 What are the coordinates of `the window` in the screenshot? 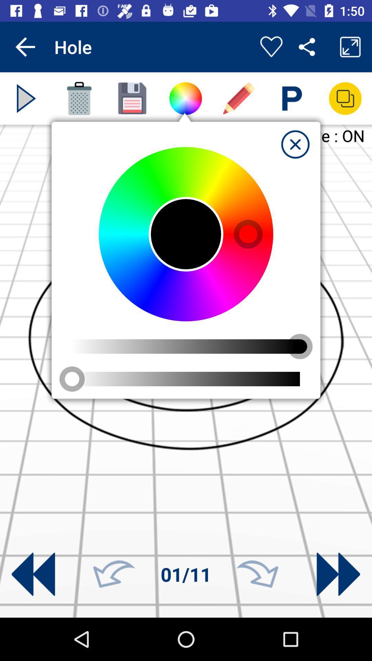 It's located at (295, 144).